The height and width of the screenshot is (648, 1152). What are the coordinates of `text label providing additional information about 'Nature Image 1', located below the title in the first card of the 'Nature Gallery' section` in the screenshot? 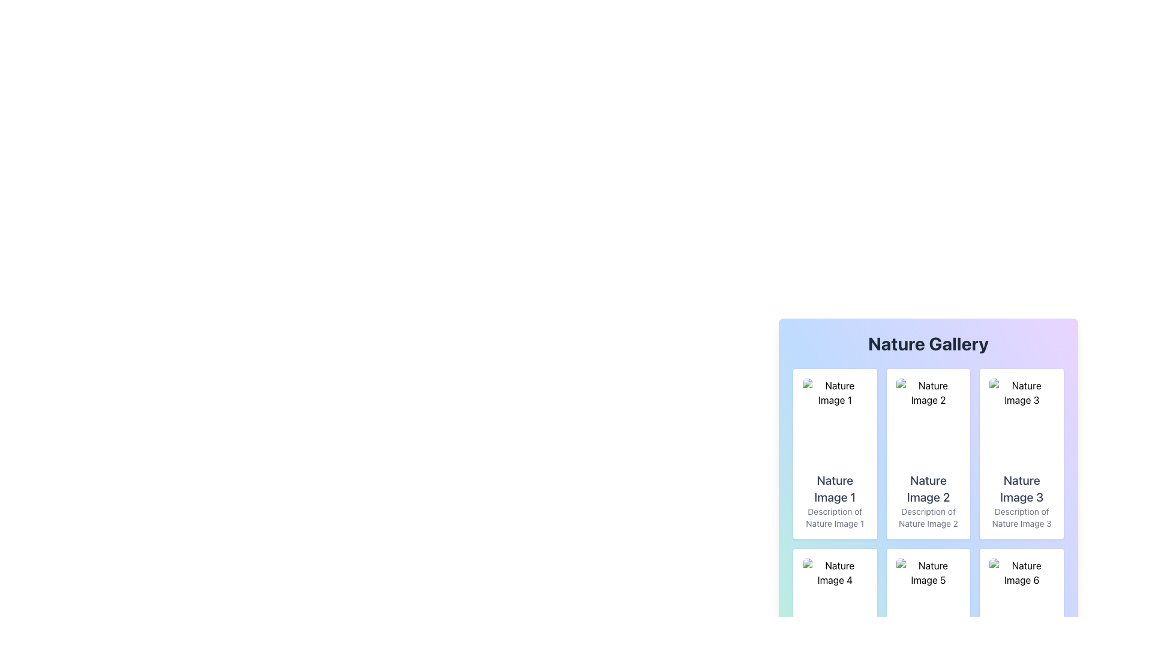 It's located at (834, 517).